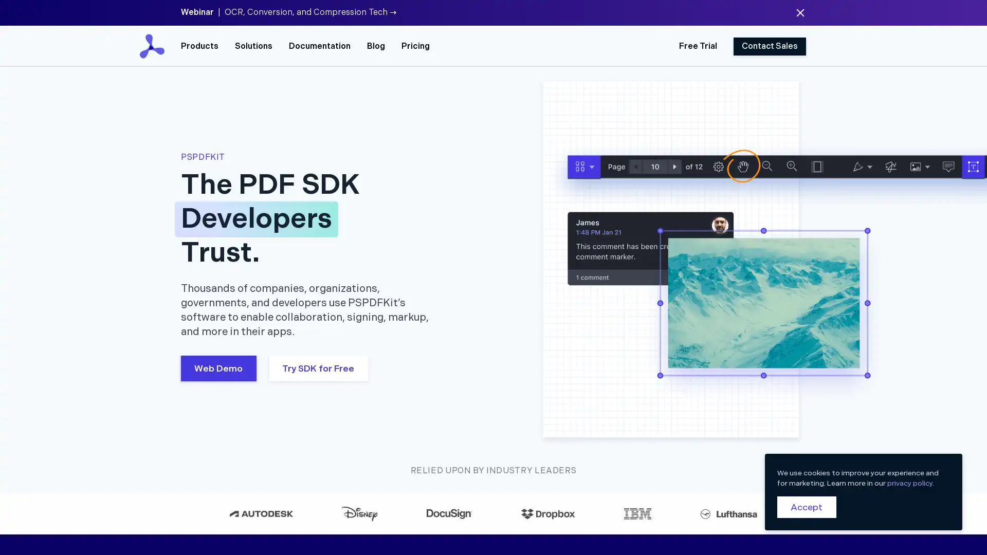  I want to click on Dismiss, so click(799, 12).